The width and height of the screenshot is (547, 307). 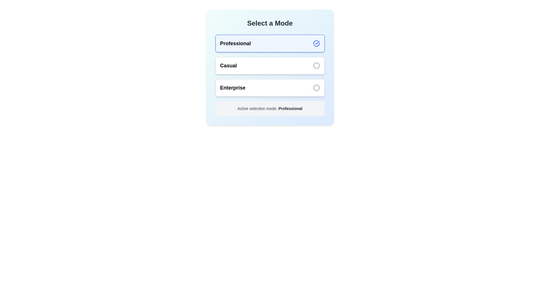 I want to click on the radio button, so click(x=316, y=65).